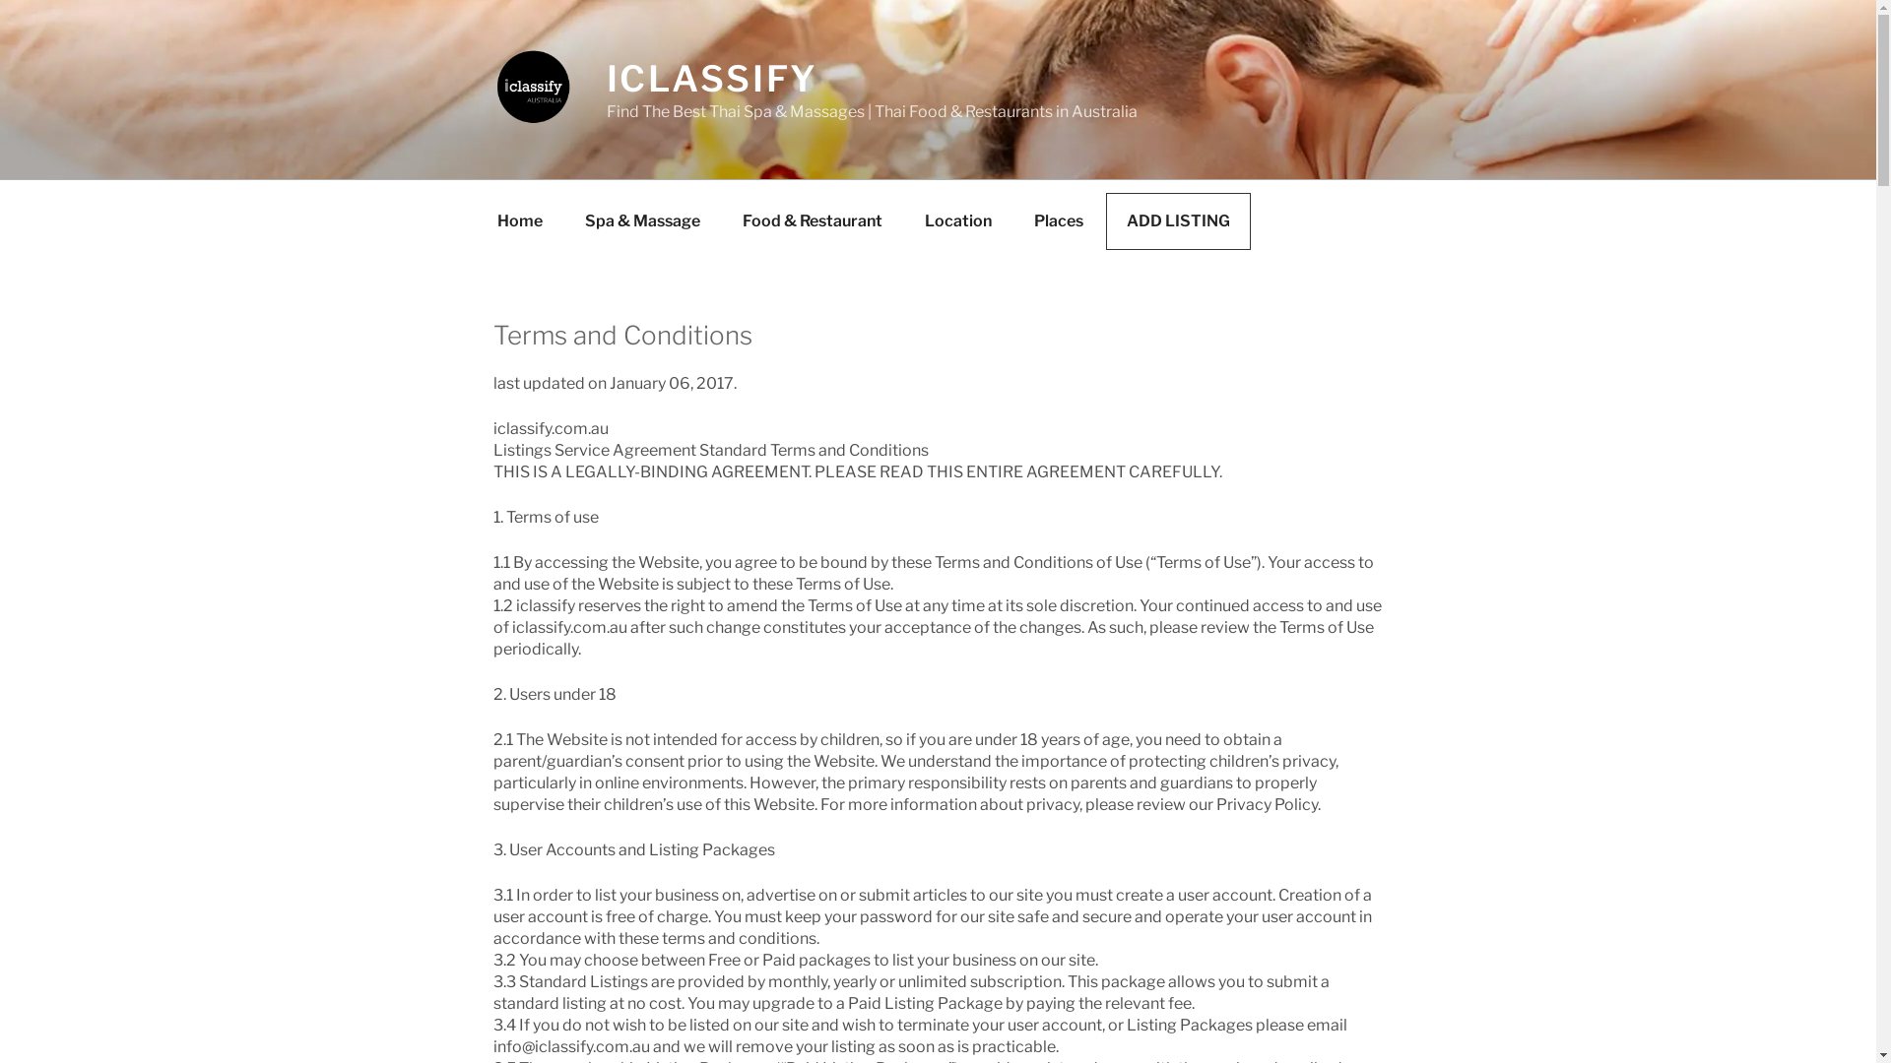  I want to click on 'Spa & Massage', so click(642, 220).